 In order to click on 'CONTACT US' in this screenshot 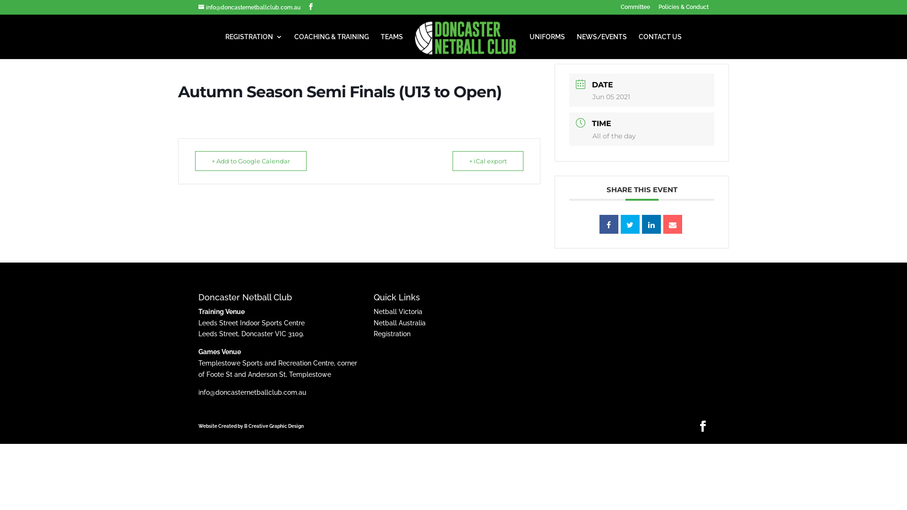, I will do `click(659, 46)`.